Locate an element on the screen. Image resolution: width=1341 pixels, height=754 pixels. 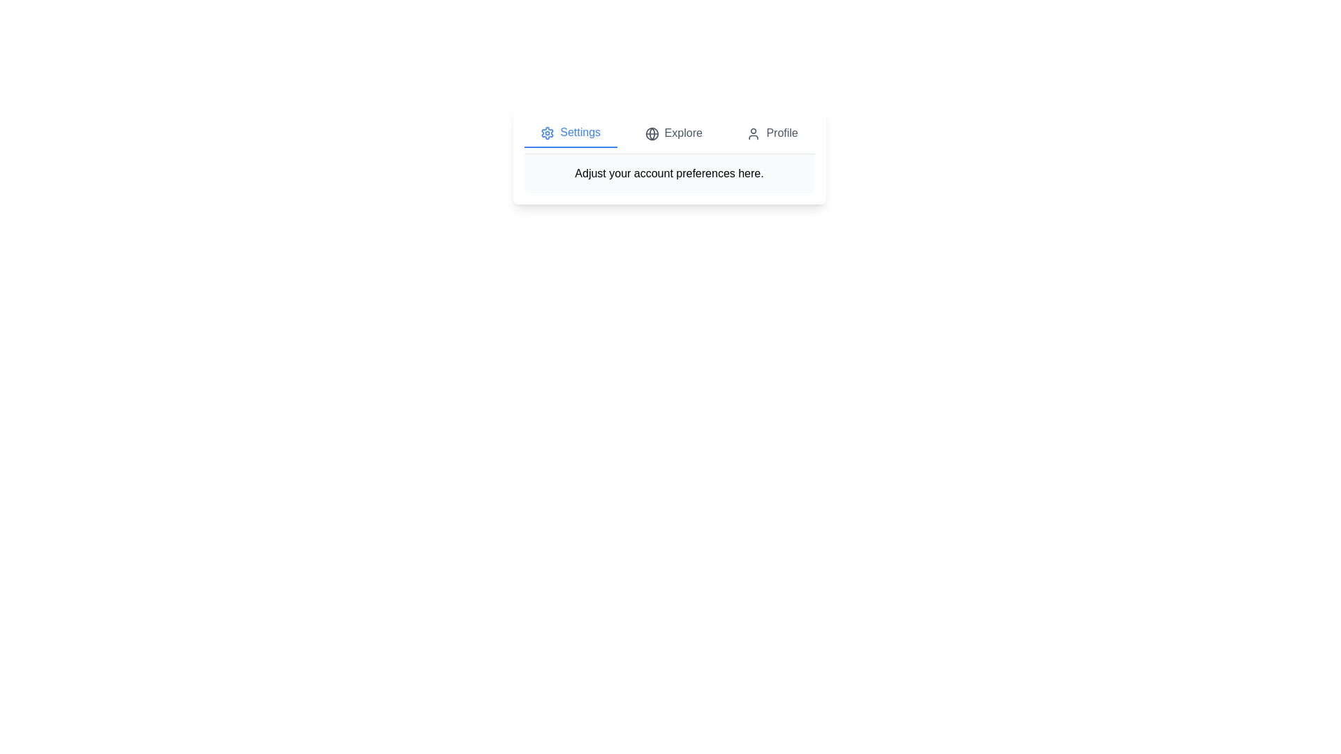
the Explore tab by clicking the corresponding button is located at coordinates (673, 133).